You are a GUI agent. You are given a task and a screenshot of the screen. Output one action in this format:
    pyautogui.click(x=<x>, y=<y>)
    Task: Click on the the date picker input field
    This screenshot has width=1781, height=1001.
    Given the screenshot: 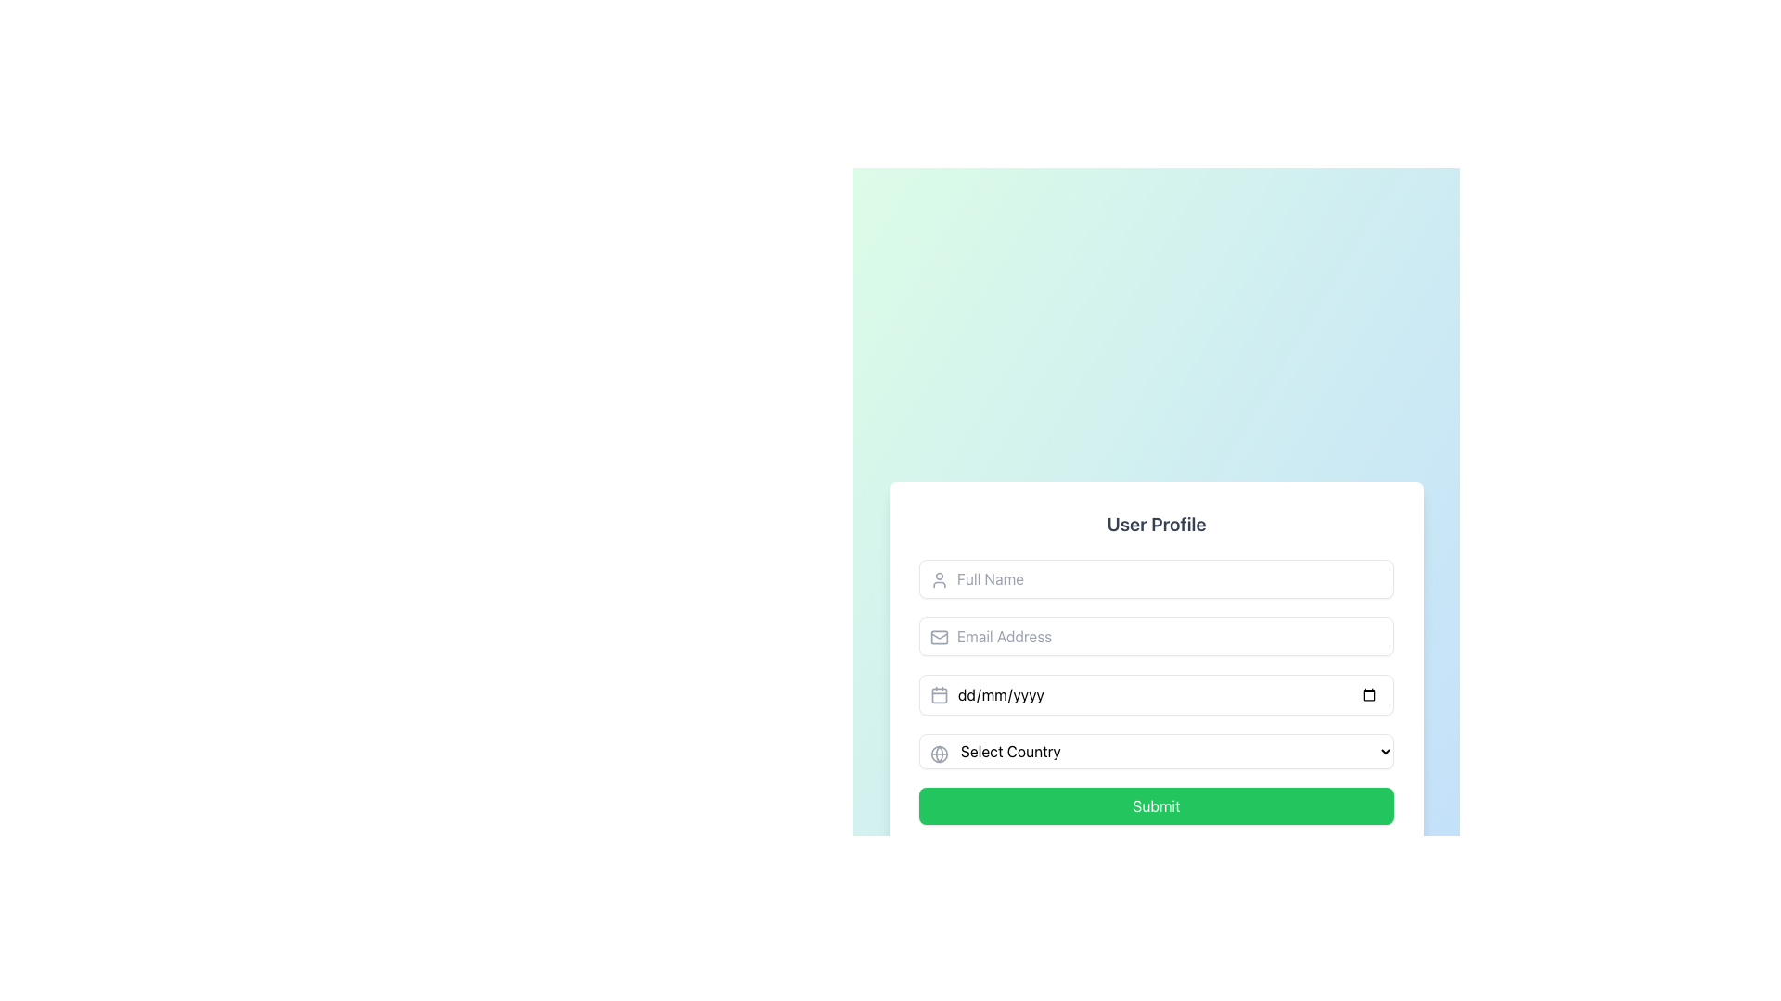 What is the action you would take?
    pyautogui.click(x=1156, y=694)
    